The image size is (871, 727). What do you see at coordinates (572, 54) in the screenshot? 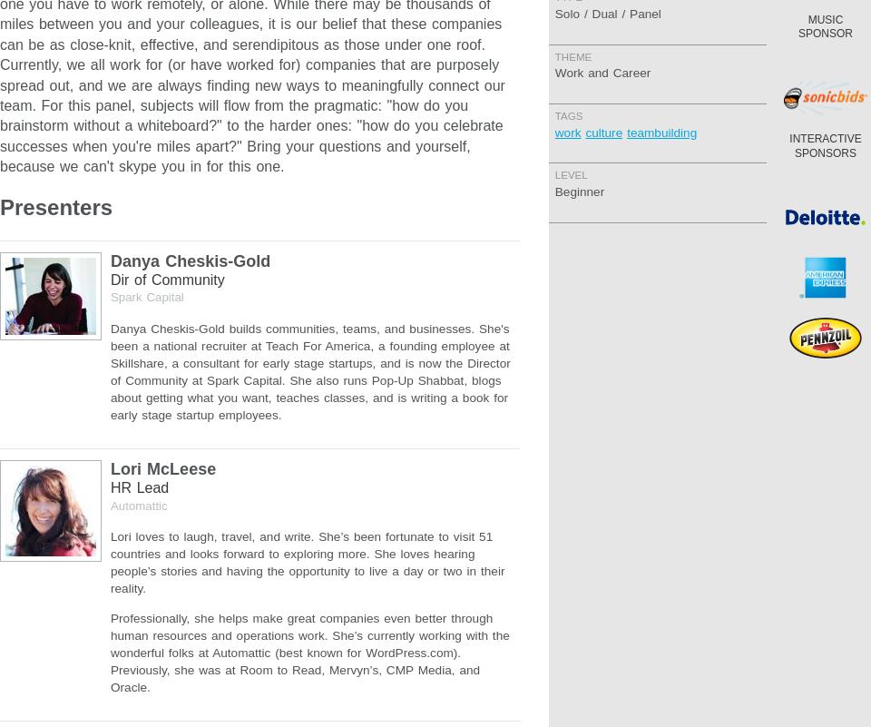
I see `'Theme'` at bounding box center [572, 54].